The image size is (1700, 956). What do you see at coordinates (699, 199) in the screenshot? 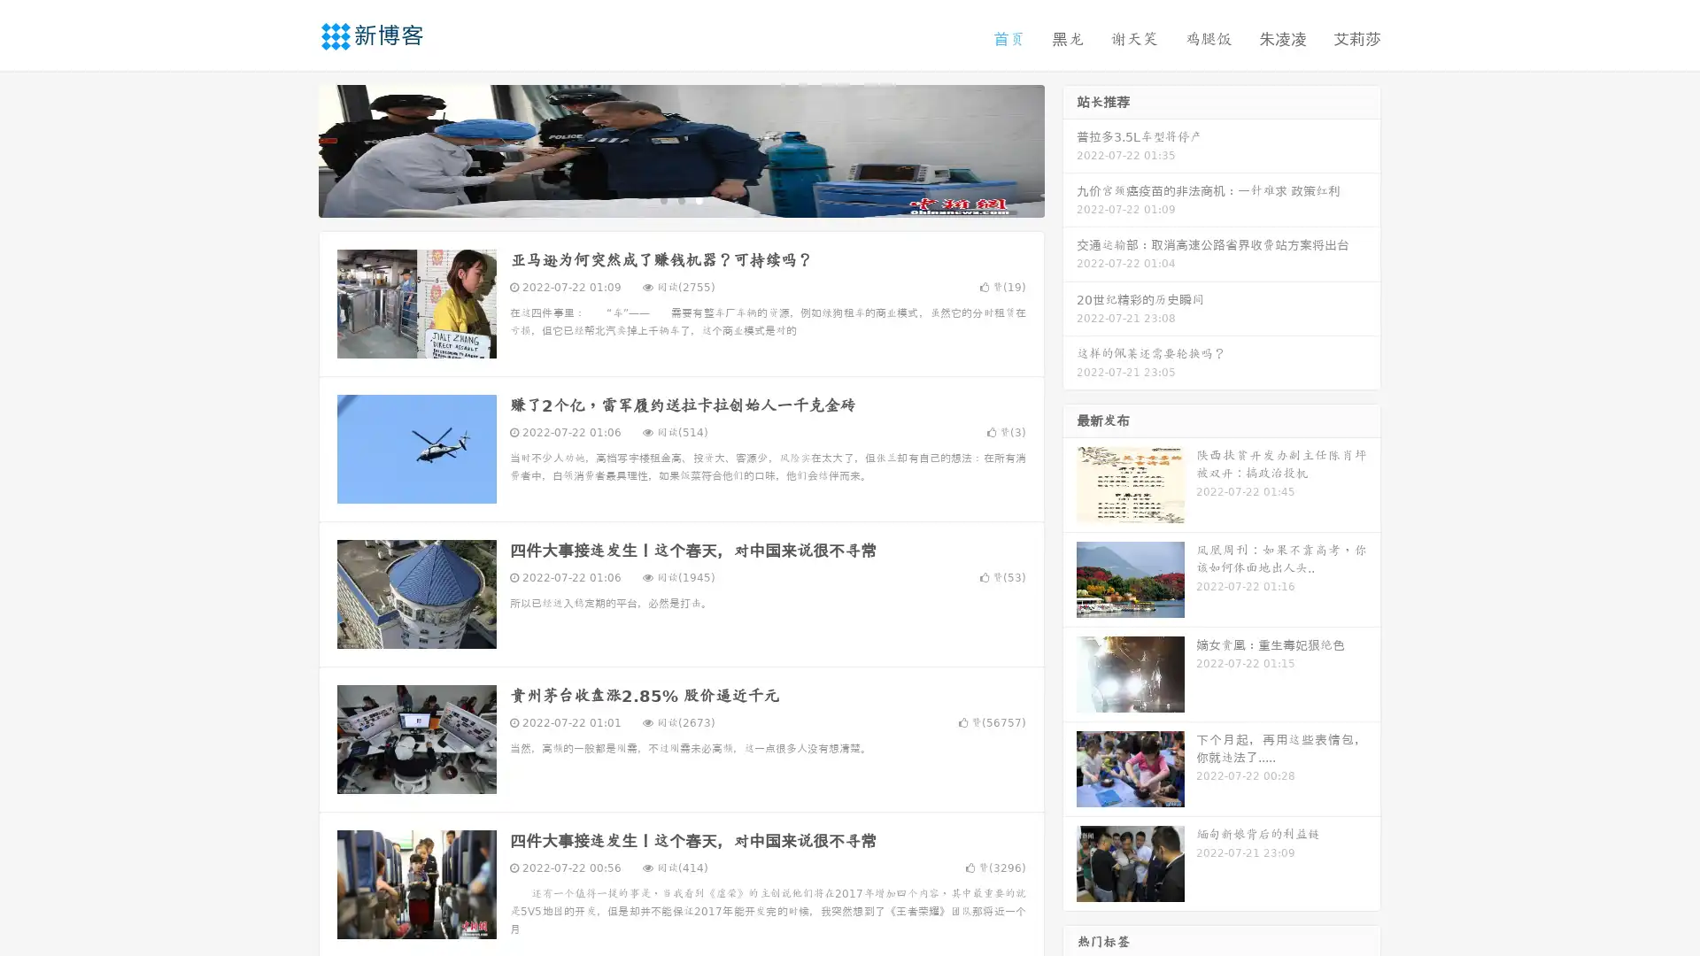
I see `Go to slide 3` at bounding box center [699, 199].